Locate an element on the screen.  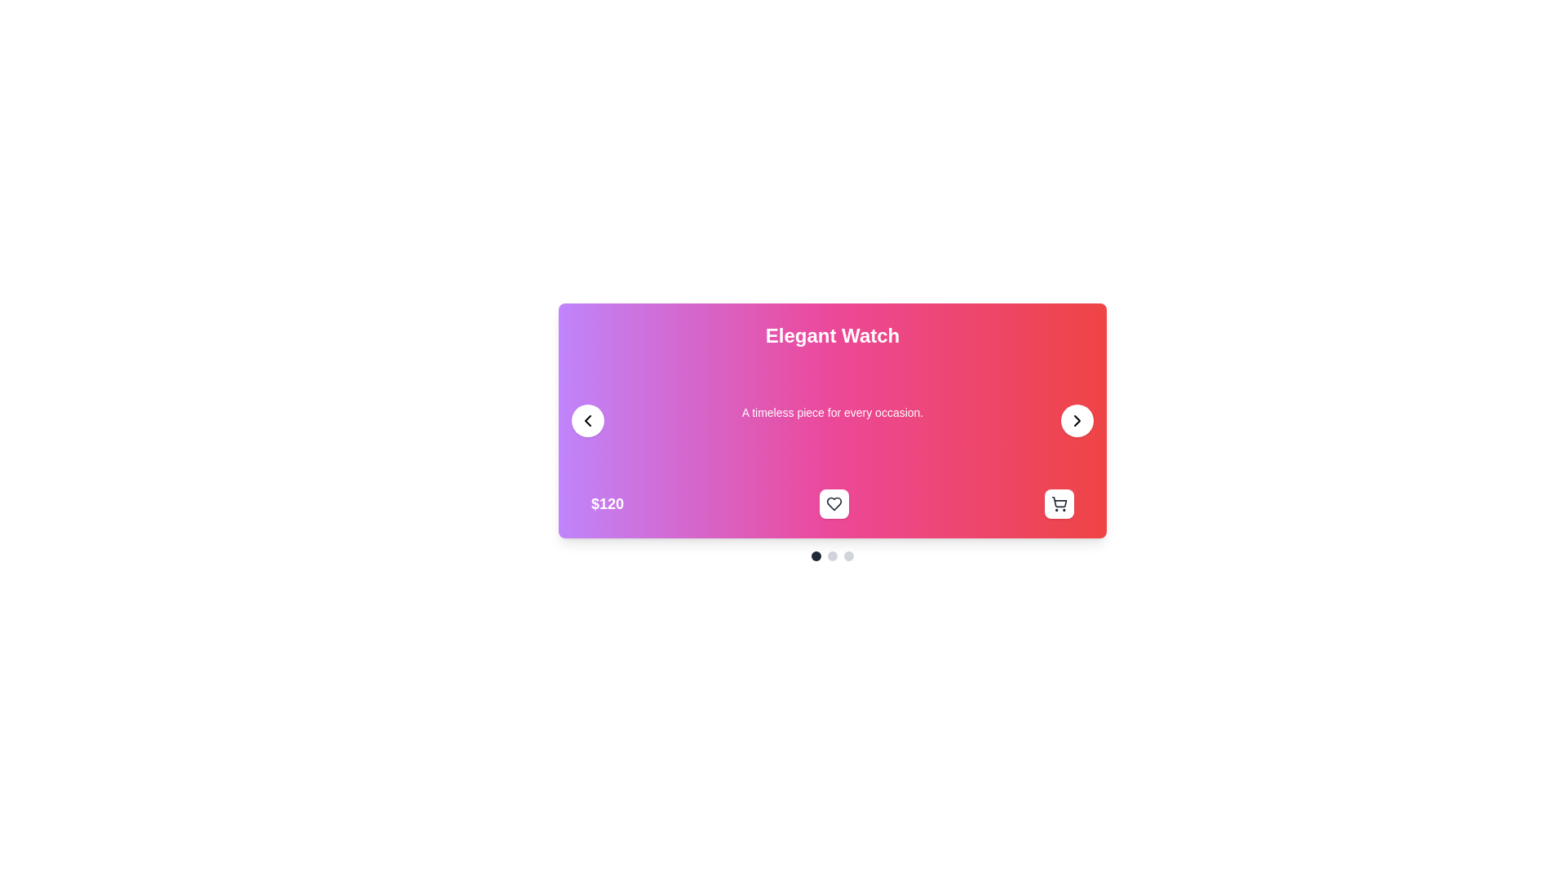
the circular button with a white background and a black left arrow icon is located at coordinates (587, 420).